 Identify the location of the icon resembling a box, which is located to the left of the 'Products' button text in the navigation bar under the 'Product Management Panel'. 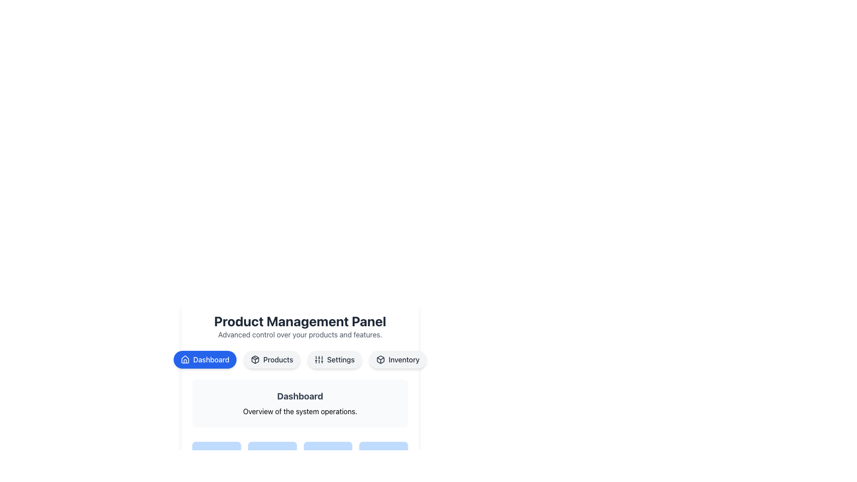
(254, 359).